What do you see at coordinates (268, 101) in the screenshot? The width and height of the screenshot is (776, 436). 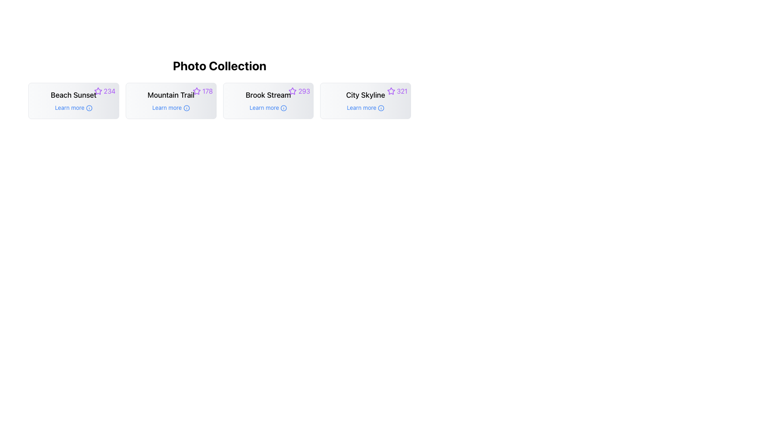 I see `the 'Learn more' link on the 'Brook Stream' card, which is the third card in the 'Photo Collection' section` at bounding box center [268, 101].